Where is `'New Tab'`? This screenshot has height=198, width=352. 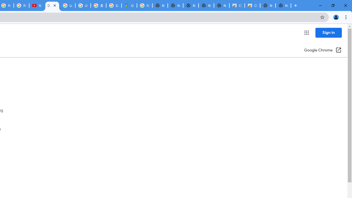 'New Tab' is located at coordinates (283, 5).